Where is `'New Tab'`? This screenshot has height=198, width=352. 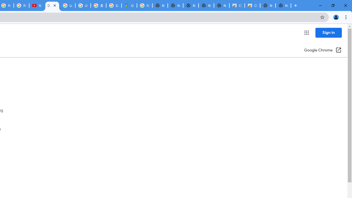 'New Tab' is located at coordinates (283, 5).